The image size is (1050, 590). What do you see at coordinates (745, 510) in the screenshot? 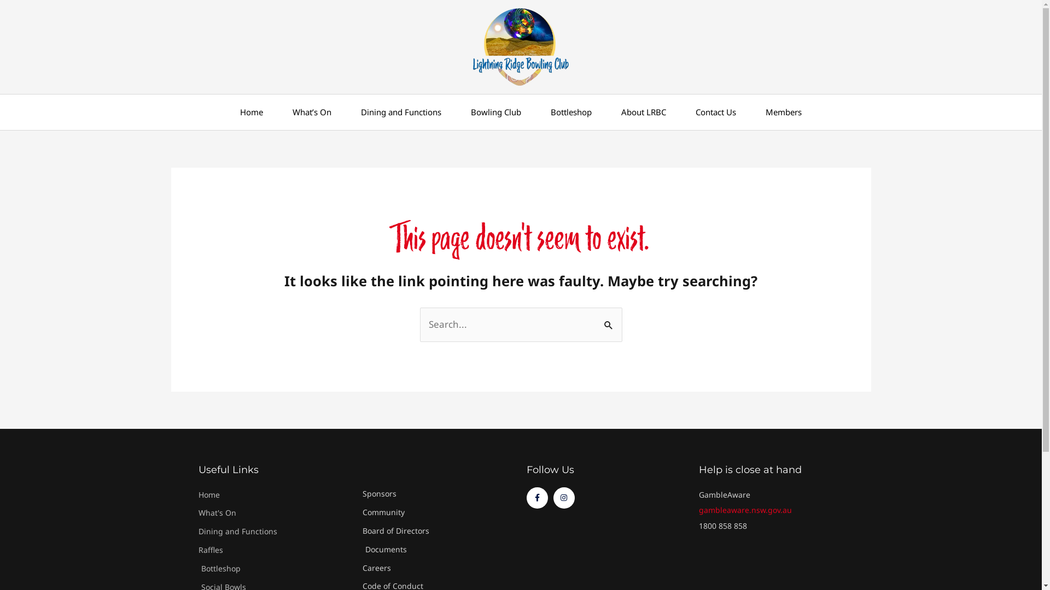
I see `'gambleaware.nsw.gov.au'` at bounding box center [745, 510].